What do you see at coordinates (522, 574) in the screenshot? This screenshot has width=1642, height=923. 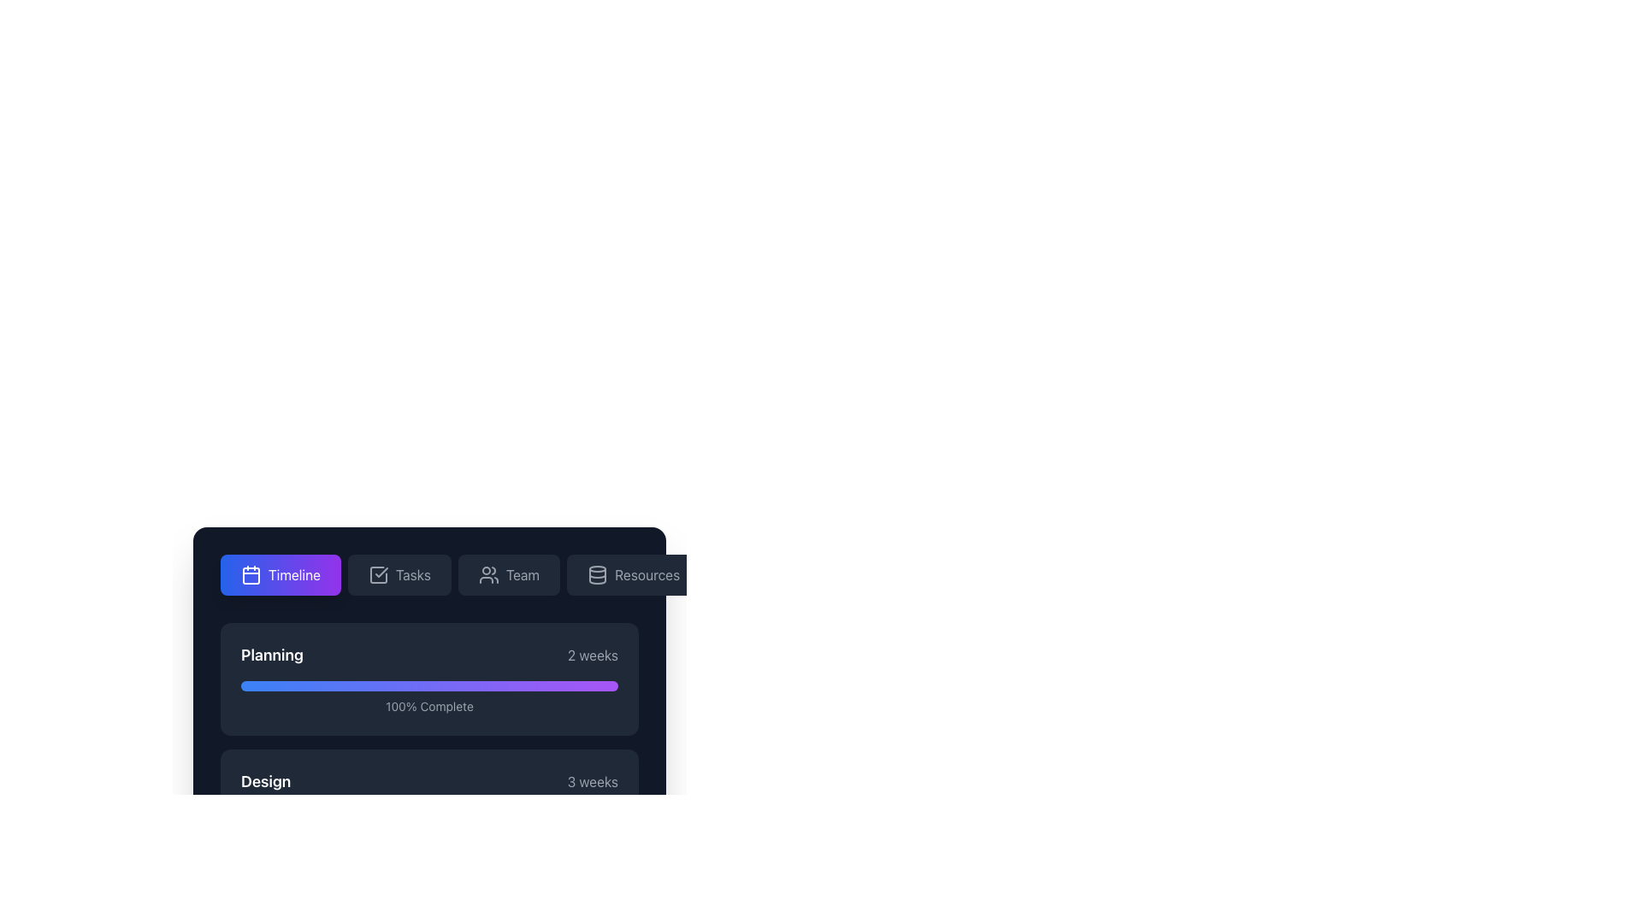 I see `the 'Team' text label located in the navigation bar at the top of the content card, which is the last text component in the sequence of 'Timeline', 'Tasks', and an icon before the 'Resources' icon` at bounding box center [522, 574].